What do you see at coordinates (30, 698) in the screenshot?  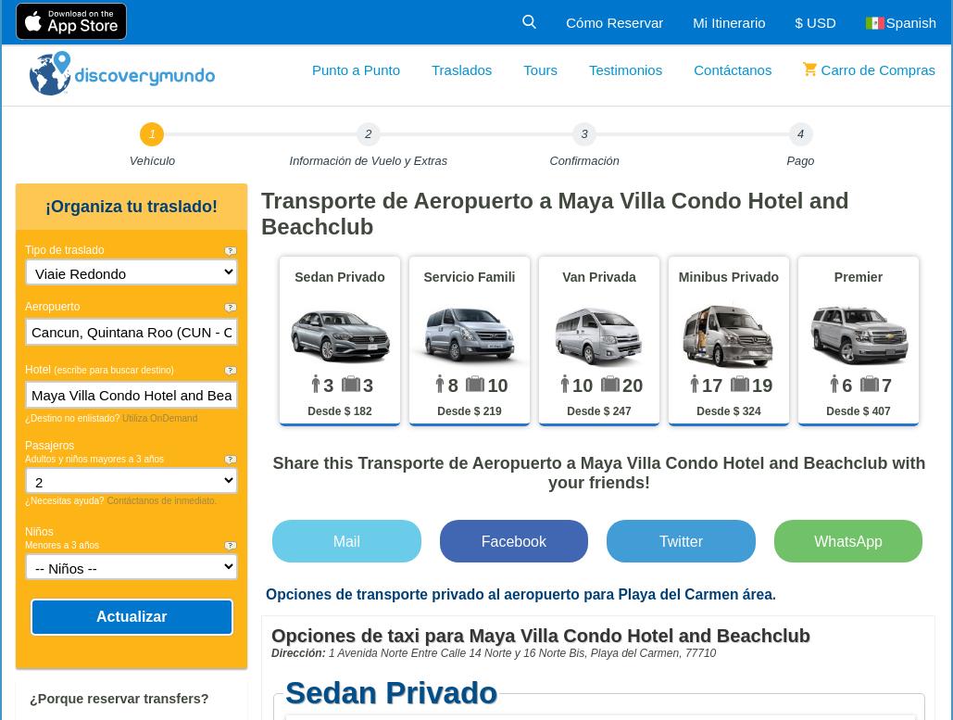 I see `'¿Porque reservar transfers?'` at bounding box center [30, 698].